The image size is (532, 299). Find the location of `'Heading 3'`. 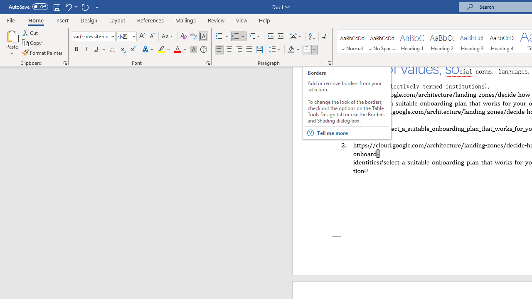

'Heading 3' is located at coordinates (472, 42).